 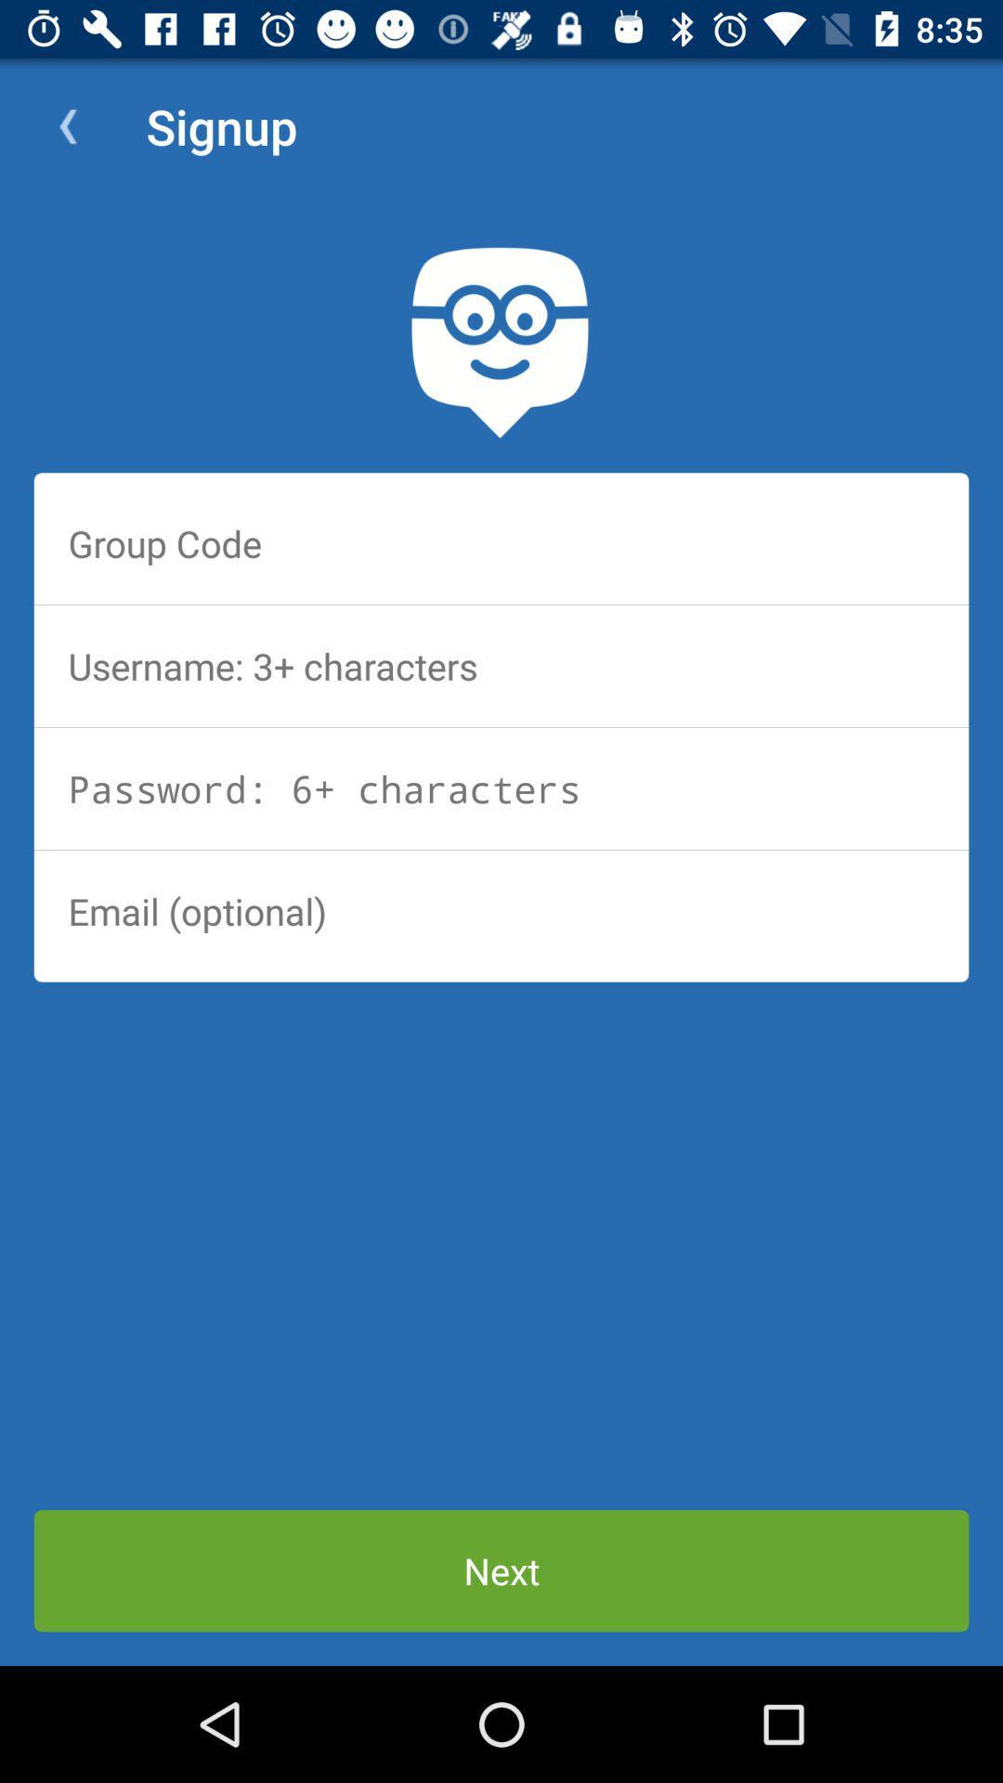 What do you see at coordinates (67, 125) in the screenshot?
I see `the icon to the left of signup app` at bounding box center [67, 125].